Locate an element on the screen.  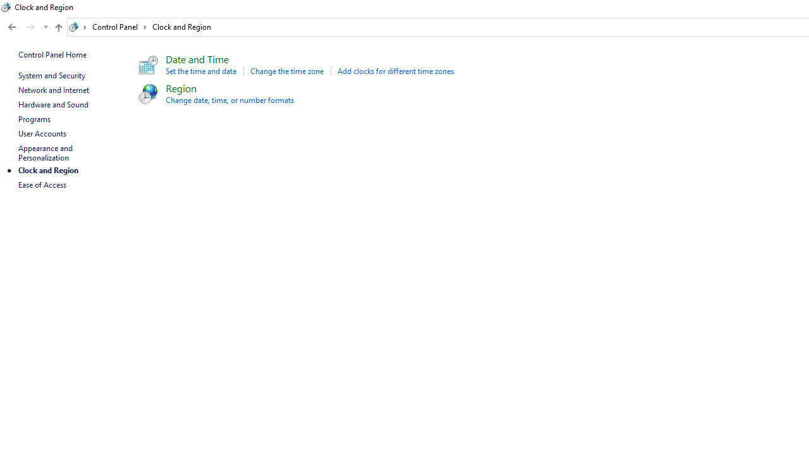
'Control Panel Home' is located at coordinates (52, 54).